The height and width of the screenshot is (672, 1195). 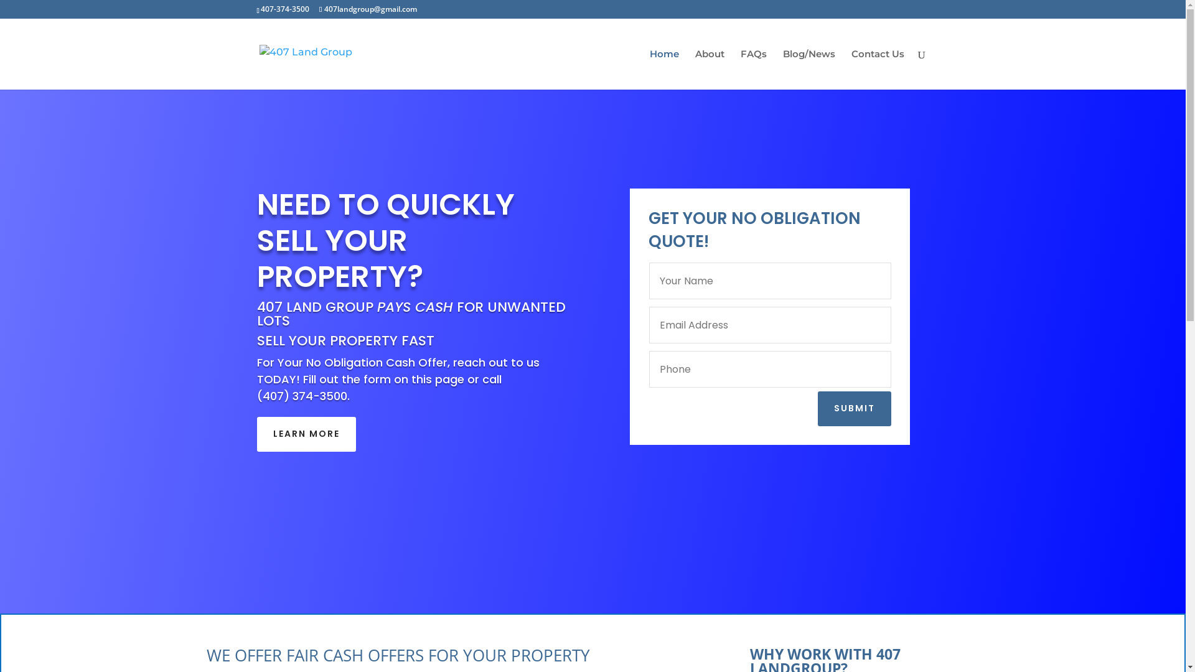 What do you see at coordinates (809, 69) in the screenshot?
I see `'Blog/News'` at bounding box center [809, 69].